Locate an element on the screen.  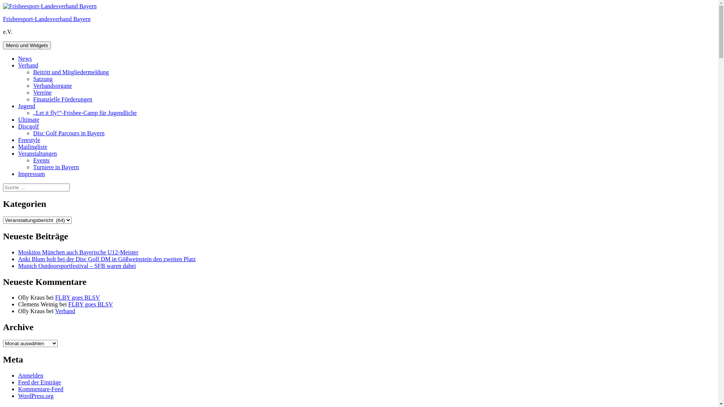
'Events' is located at coordinates (41, 160).